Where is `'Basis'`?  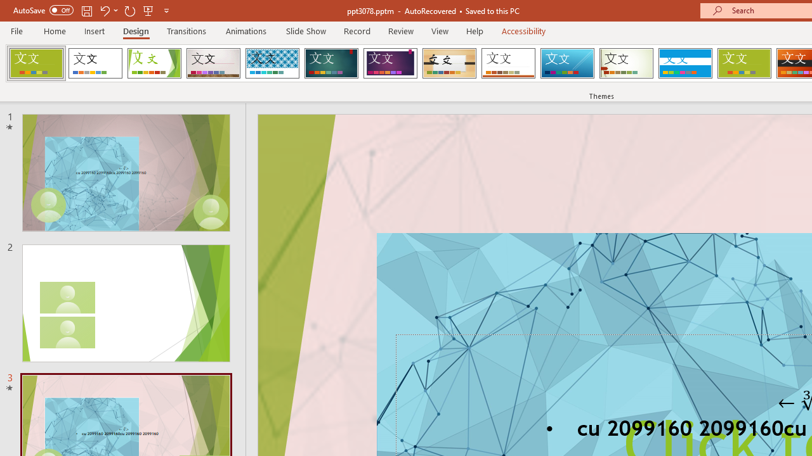
'Basis' is located at coordinates (744, 63).